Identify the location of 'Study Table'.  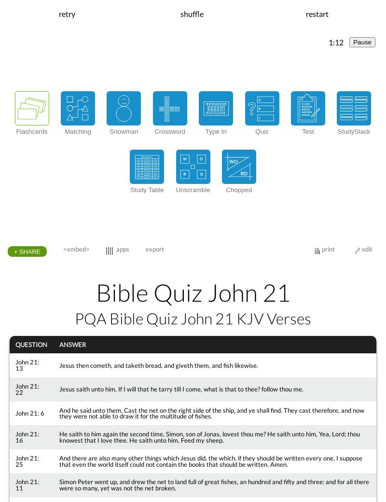
(146, 189).